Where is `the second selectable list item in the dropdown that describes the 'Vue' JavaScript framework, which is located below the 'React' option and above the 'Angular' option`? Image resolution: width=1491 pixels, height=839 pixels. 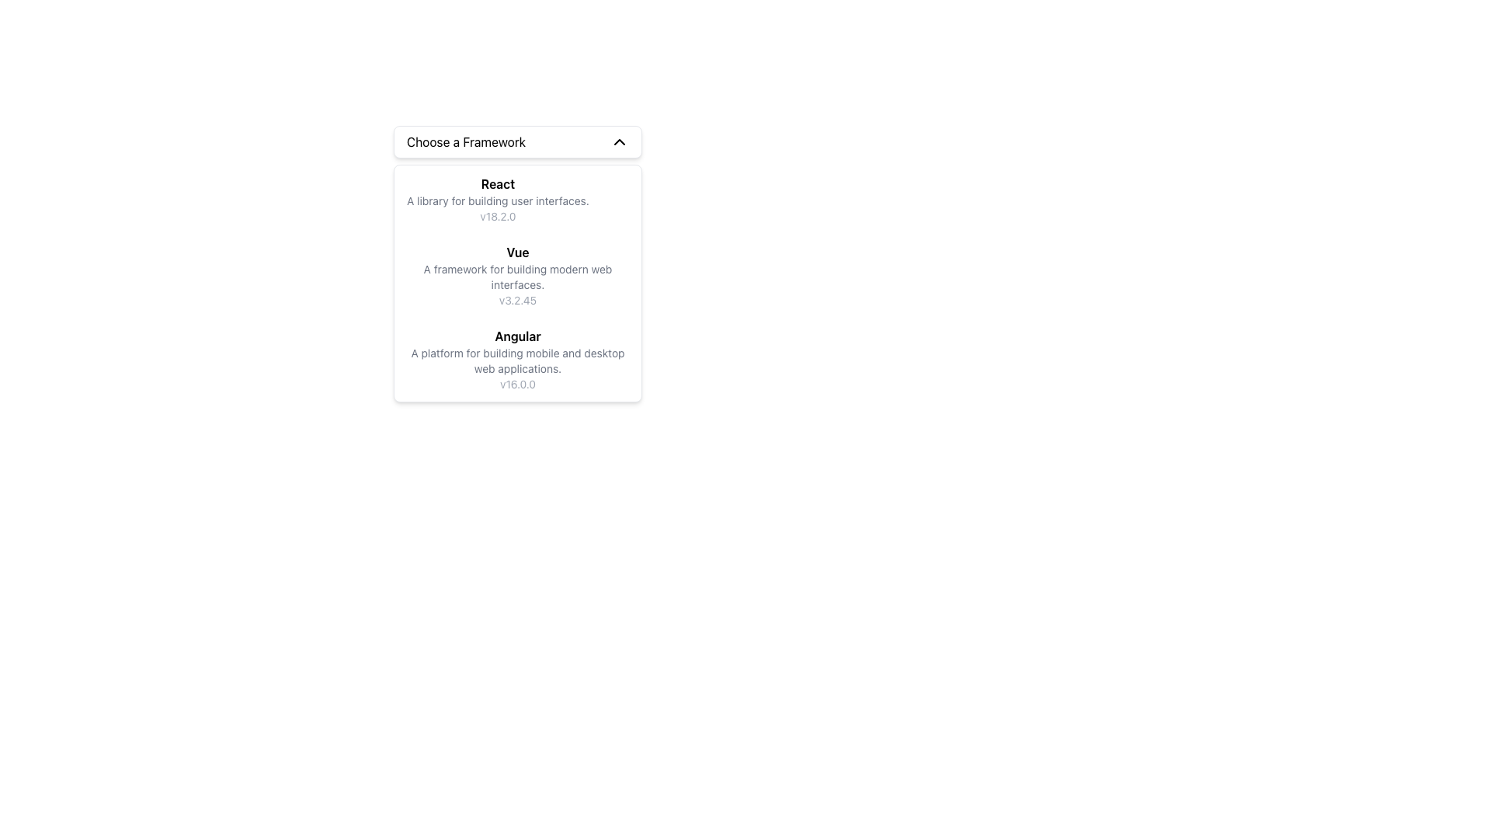
the second selectable list item in the dropdown that describes the 'Vue' JavaScript framework, which is located below the 'React' option and above the 'Angular' option is located at coordinates (518, 274).